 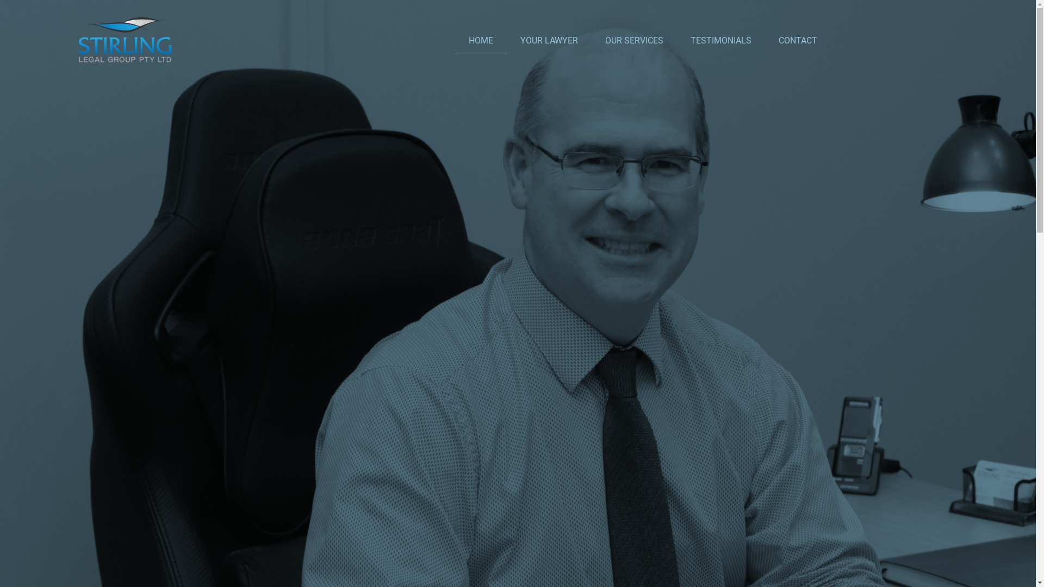 I want to click on 'CONTACT', so click(x=798, y=40).